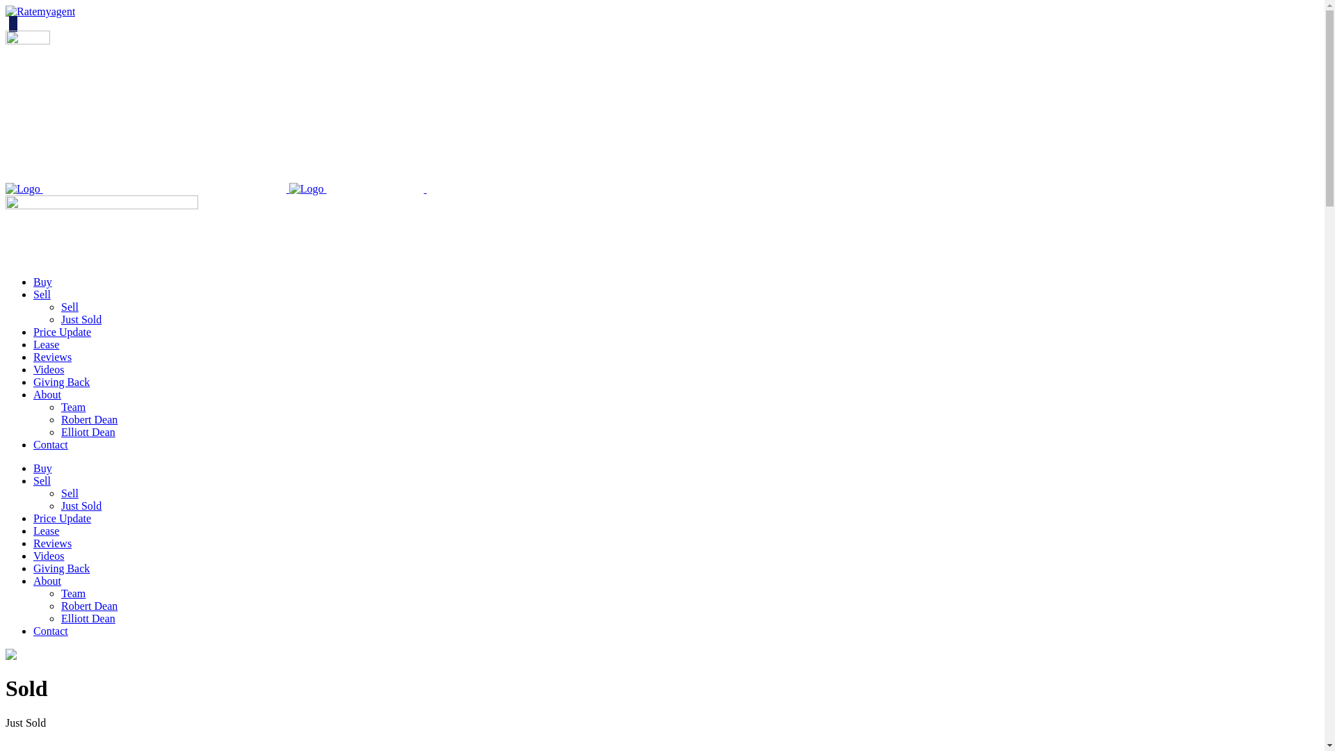  I want to click on 'Just Sold', so click(80, 506).